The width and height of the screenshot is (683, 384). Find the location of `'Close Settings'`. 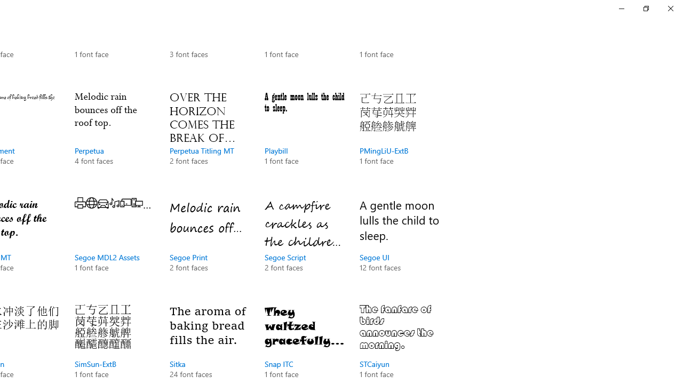

'Close Settings' is located at coordinates (670, 8).